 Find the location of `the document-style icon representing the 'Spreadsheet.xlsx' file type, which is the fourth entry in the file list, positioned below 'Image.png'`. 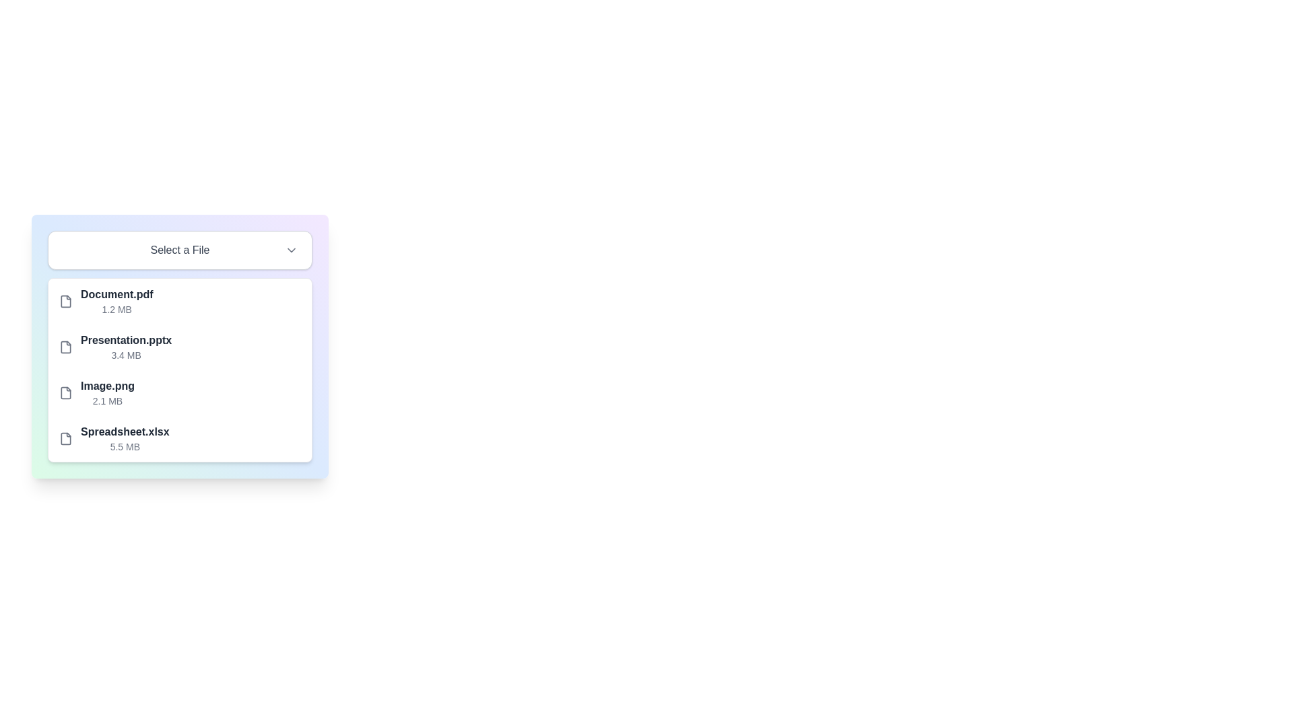

the document-style icon representing the 'Spreadsheet.xlsx' file type, which is the fourth entry in the file list, positioned below 'Image.png' is located at coordinates (65, 438).